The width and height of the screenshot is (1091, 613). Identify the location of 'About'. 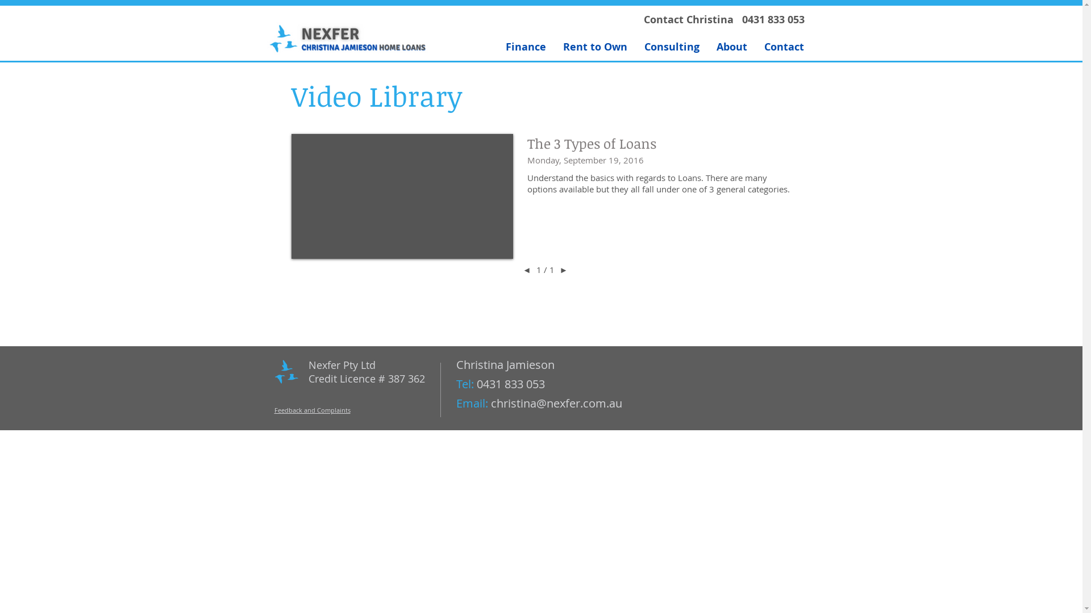
(731, 46).